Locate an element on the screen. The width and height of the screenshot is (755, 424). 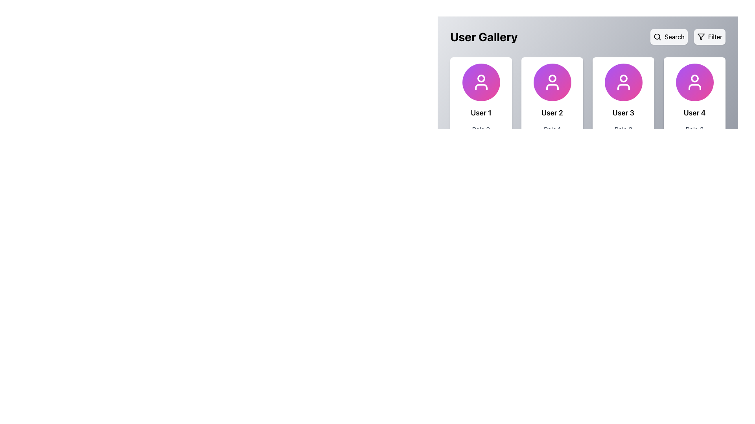
the user profile icon represented by an SVG located within the rightmost profile card labeled 'User 4' is located at coordinates (694, 82).